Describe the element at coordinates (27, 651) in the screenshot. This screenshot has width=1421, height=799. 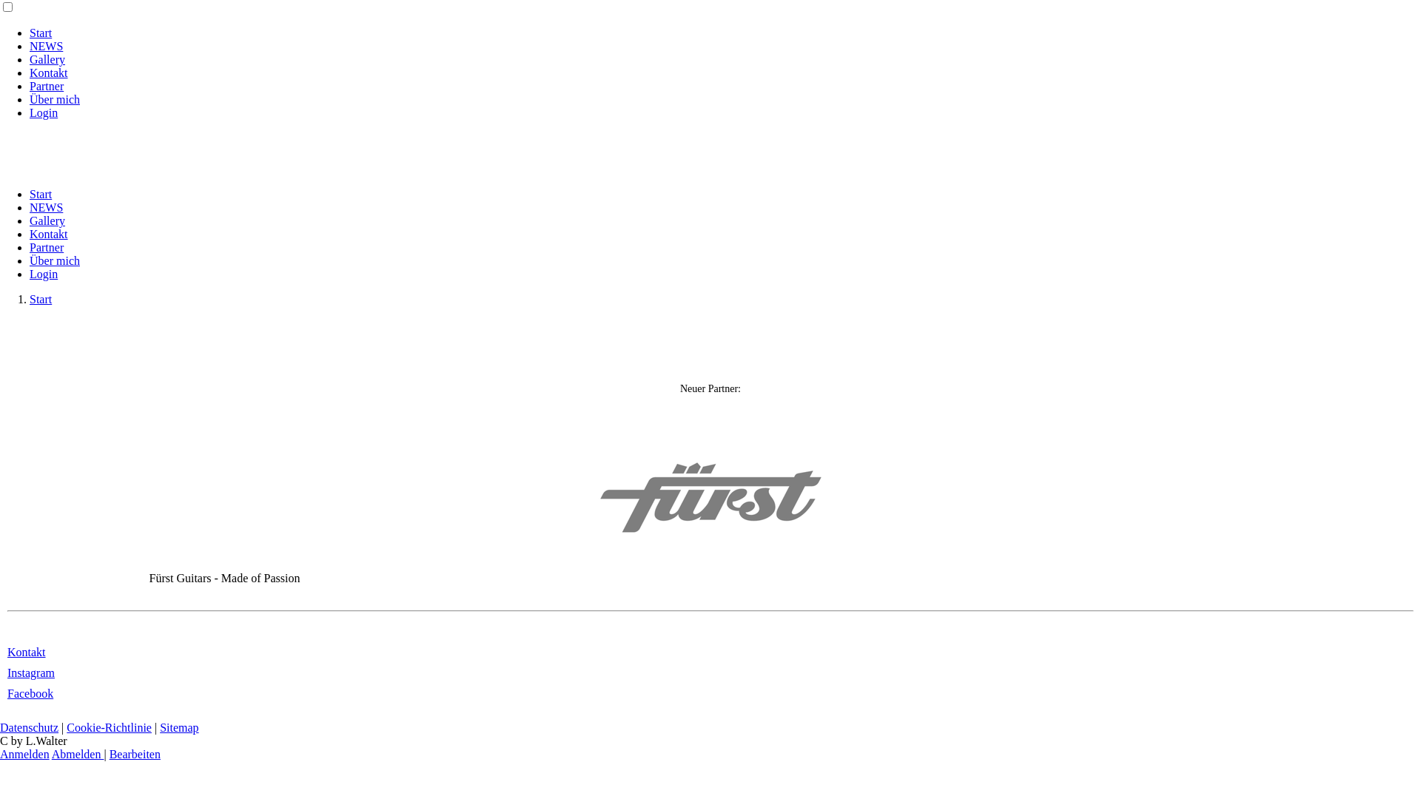
I see `'Kontakt'` at that location.